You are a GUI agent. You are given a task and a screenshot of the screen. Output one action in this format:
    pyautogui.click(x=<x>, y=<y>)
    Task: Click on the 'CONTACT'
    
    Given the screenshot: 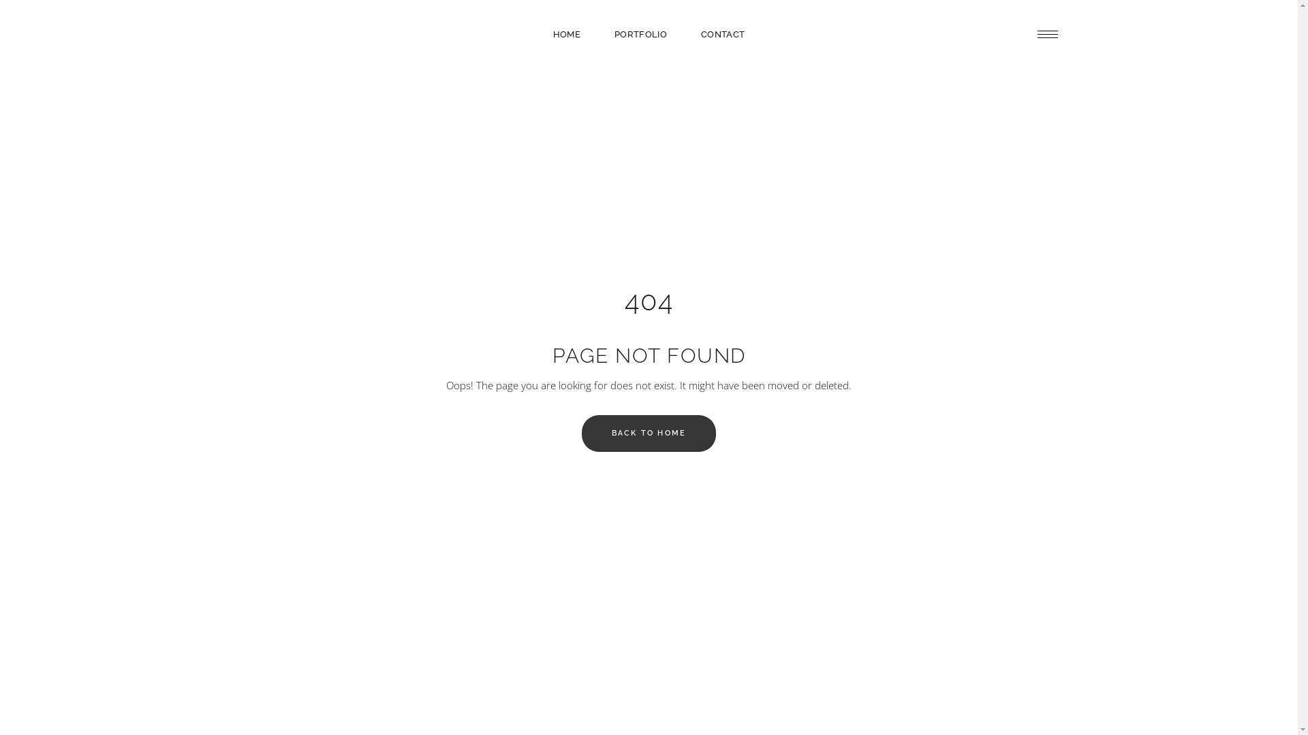 What is the action you would take?
    pyautogui.click(x=683, y=33)
    